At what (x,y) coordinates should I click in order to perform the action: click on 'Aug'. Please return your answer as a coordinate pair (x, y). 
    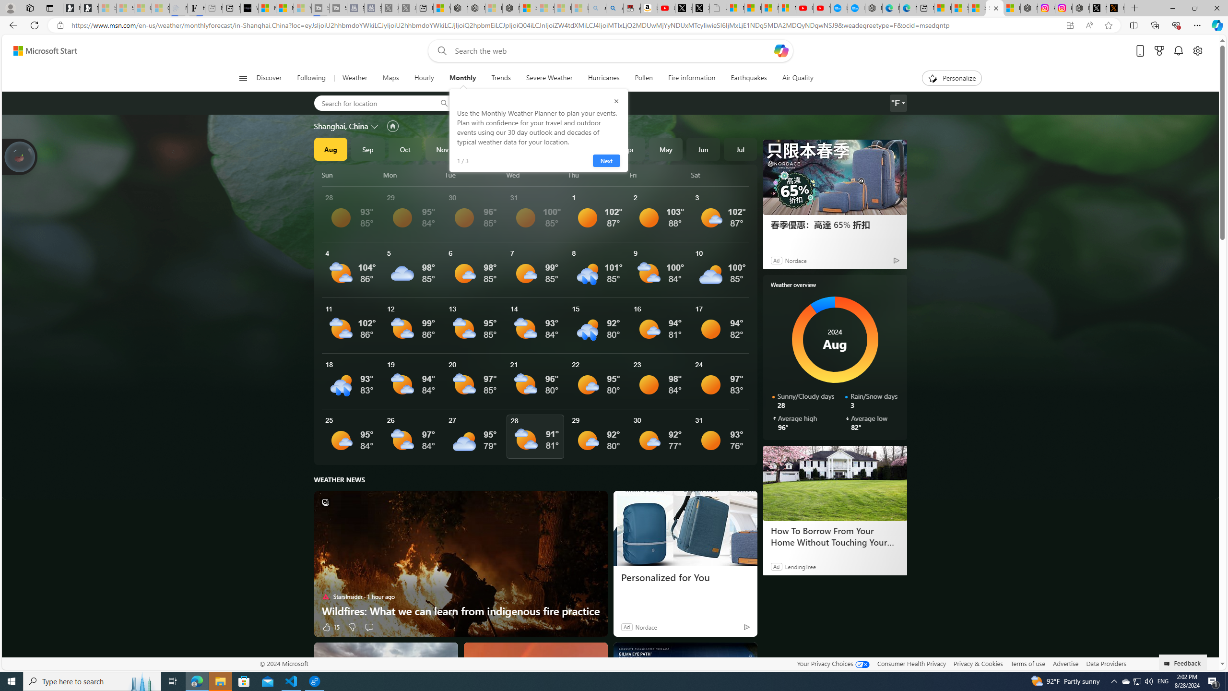
    Looking at the image, I should click on (330, 149).